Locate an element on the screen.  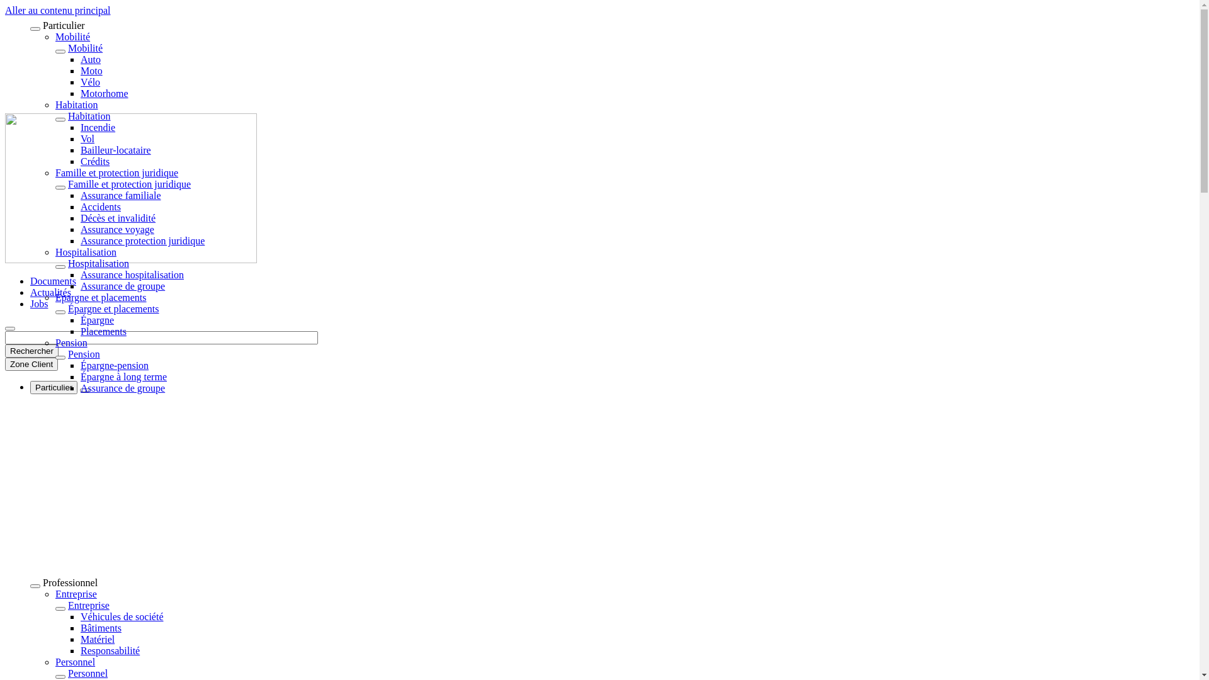
'Motorhome' is located at coordinates (105, 93).